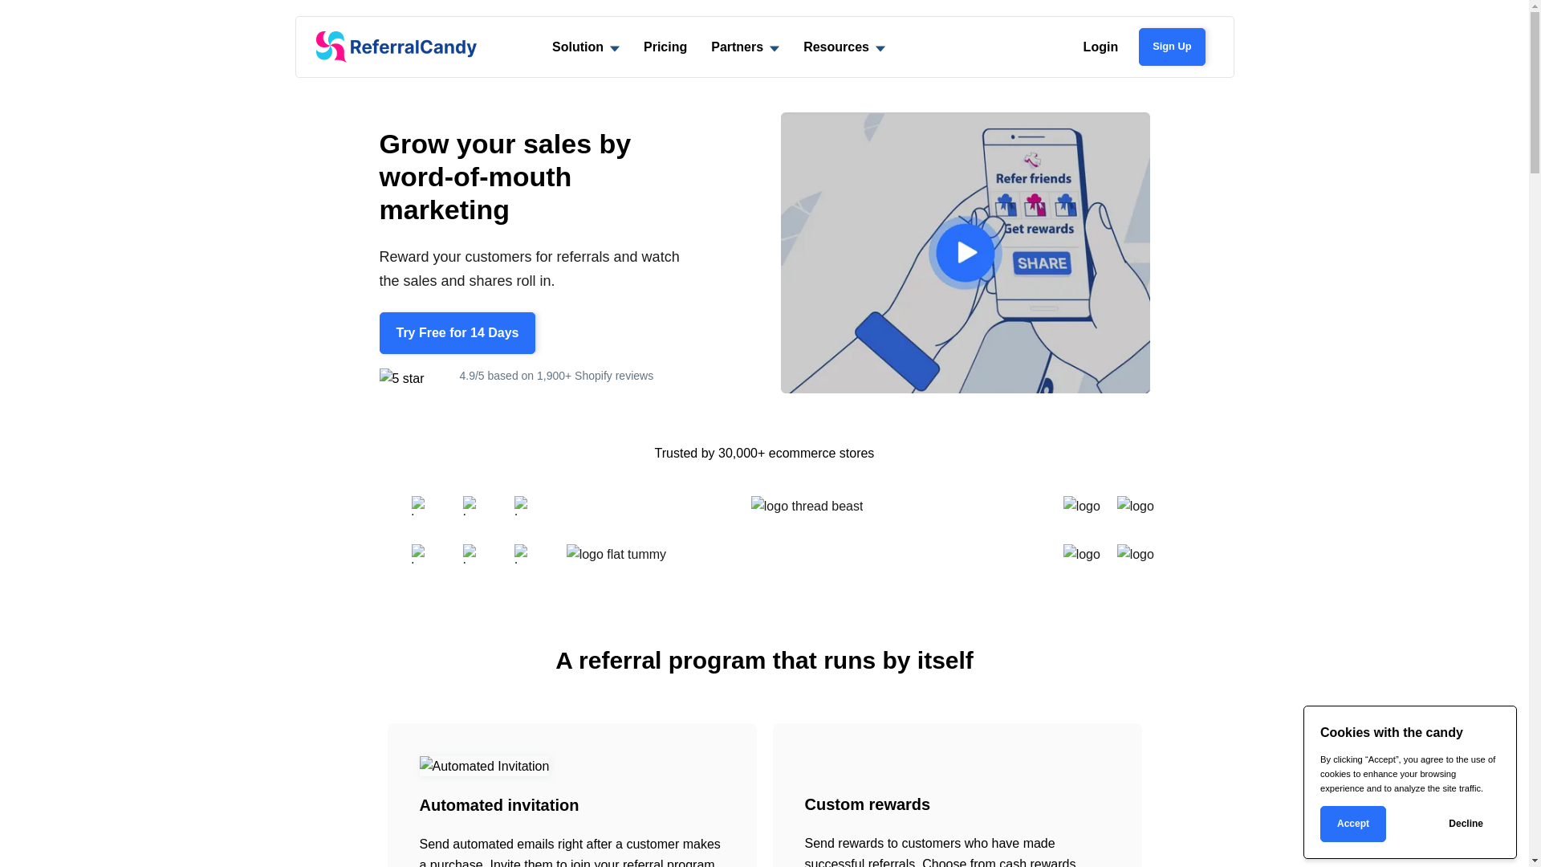  Describe the element at coordinates (377, 332) in the screenshot. I see `'Try Free for 14 Days'` at that location.